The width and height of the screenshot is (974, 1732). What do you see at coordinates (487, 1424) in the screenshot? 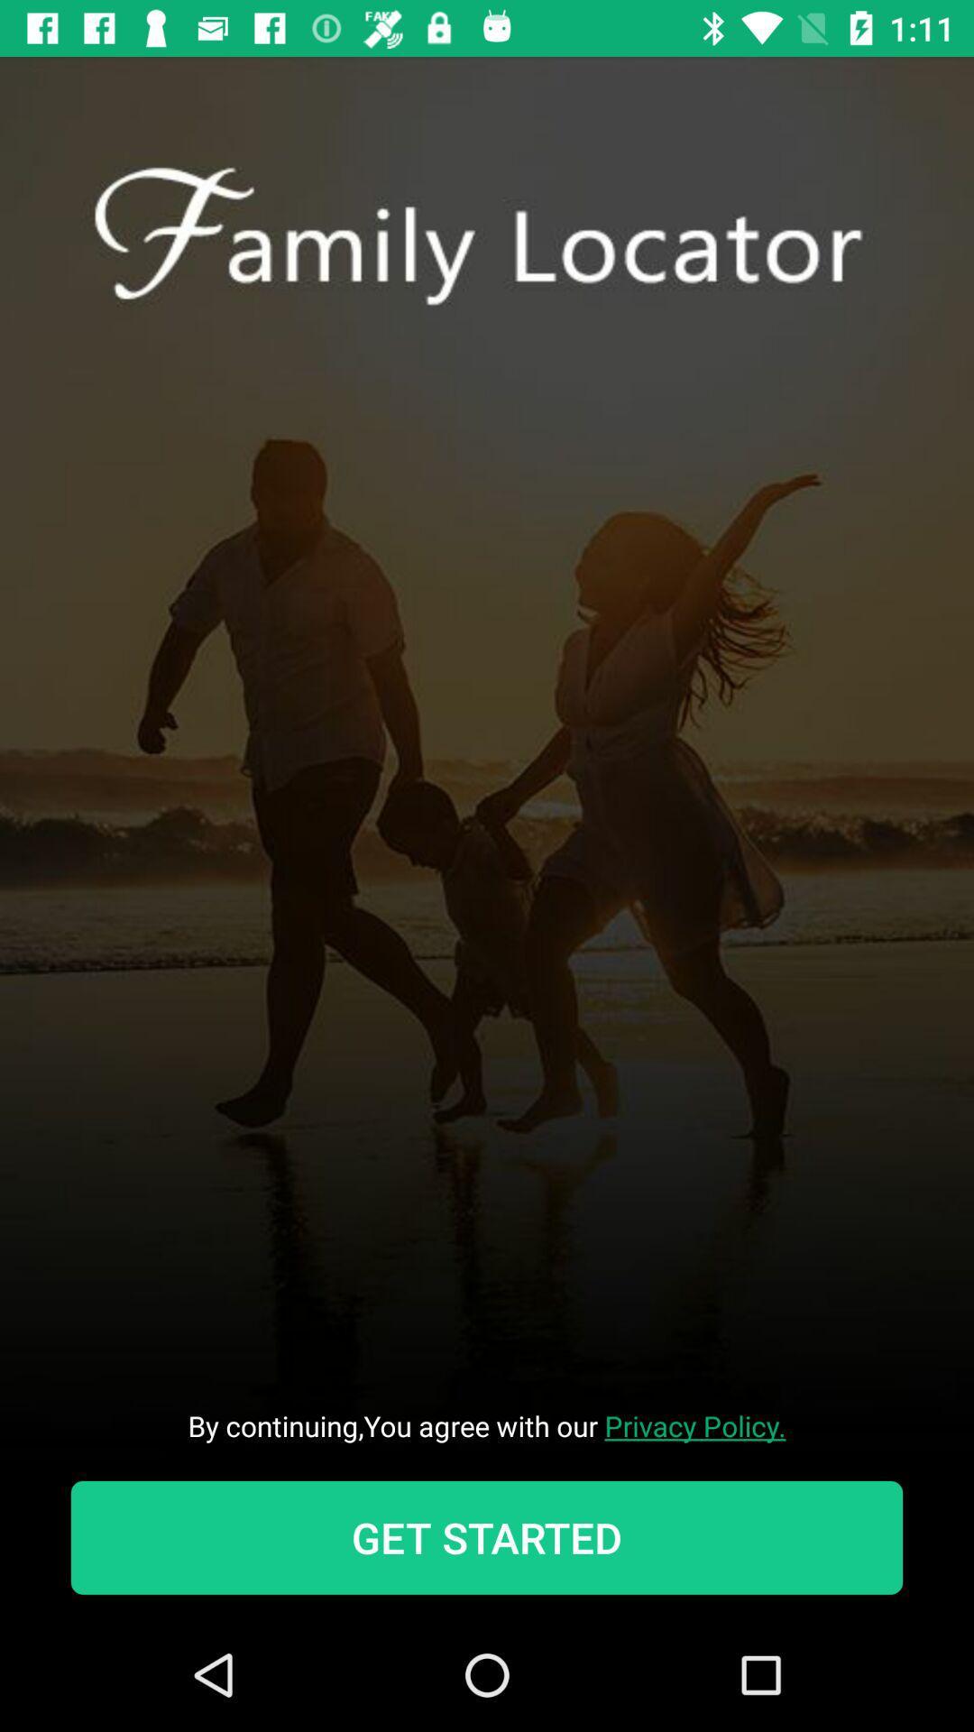
I see `by continuing you` at bounding box center [487, 1424].